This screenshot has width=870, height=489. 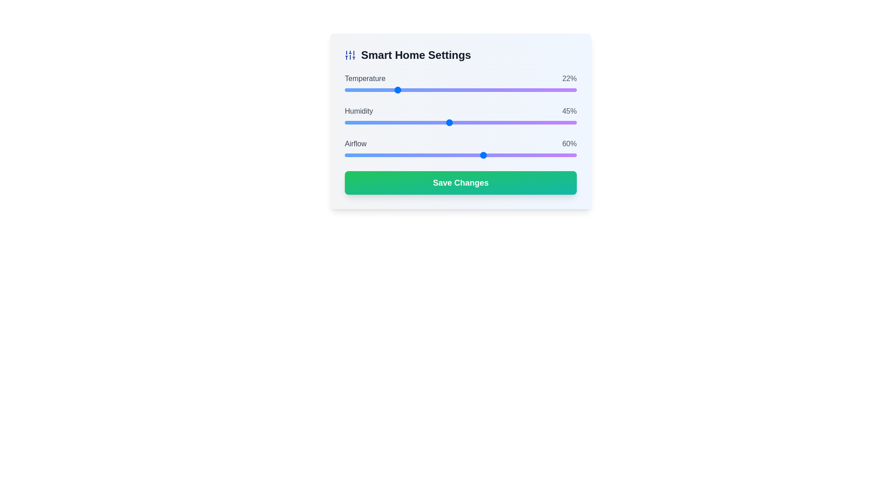 I want to click on the airflow, so click(x=465, y=155).